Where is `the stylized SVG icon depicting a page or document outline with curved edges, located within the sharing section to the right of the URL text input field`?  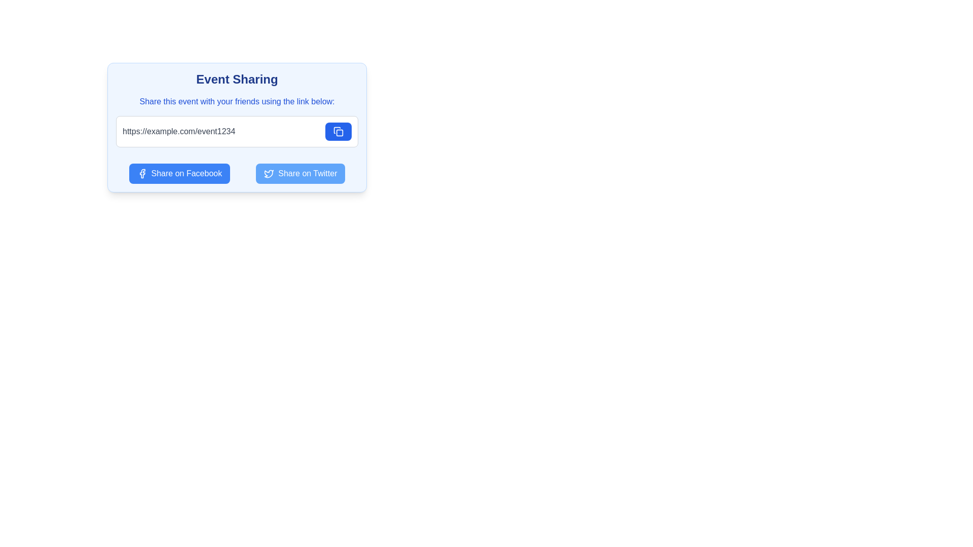
the stylized SVG icon depicting a page or document outline with curved edges, located within the sharing section to the right of the URL text input field is located at coordinates (337, 130).